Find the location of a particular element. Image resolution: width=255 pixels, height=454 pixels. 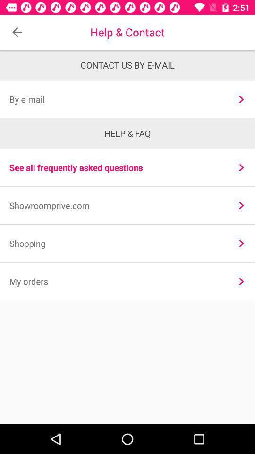

item above the contact us by icon is located at coordinates (17, 32).